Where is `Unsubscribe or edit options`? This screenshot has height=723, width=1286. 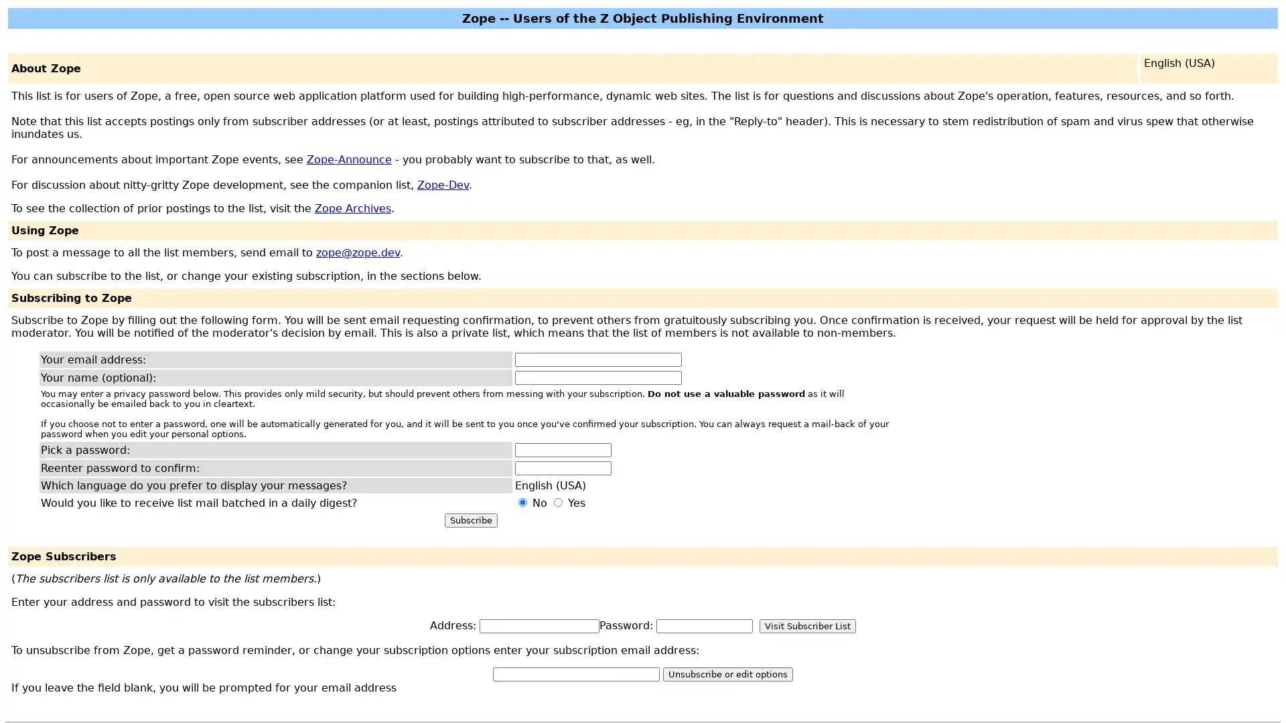 Unsubscribe or edit options is located at coordinates (727, 674).